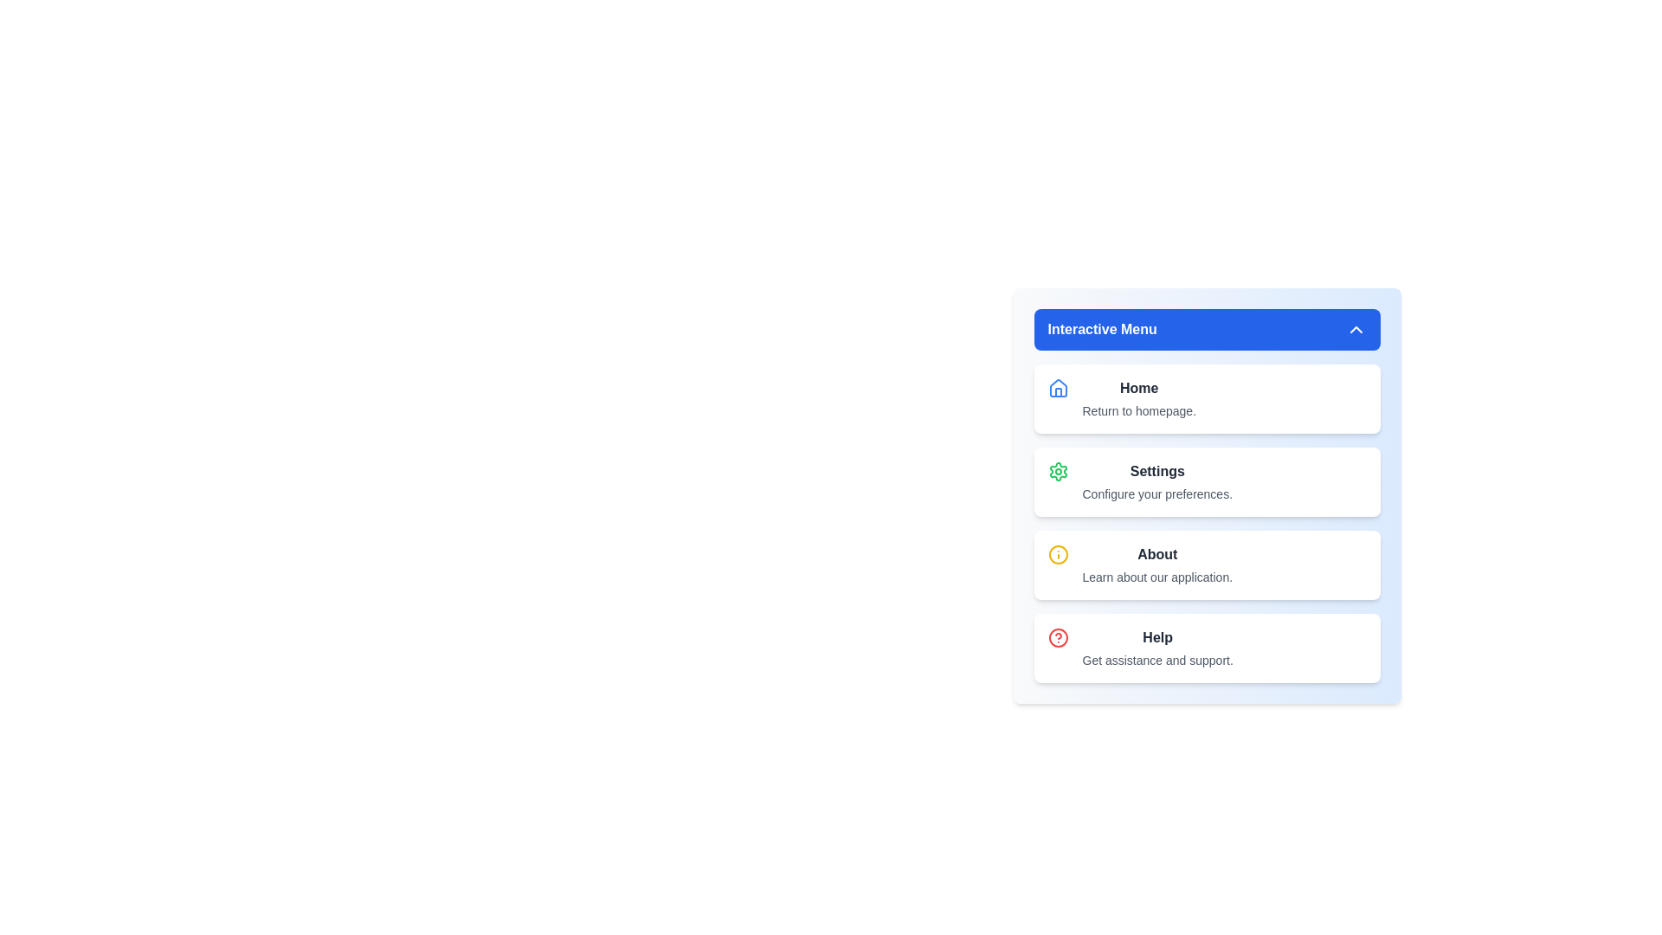  I want to click on the static text element that serves as the title for the 'About' section in the interactive menu, located under 'Settings' and above 'Help', so click(1157, 554).